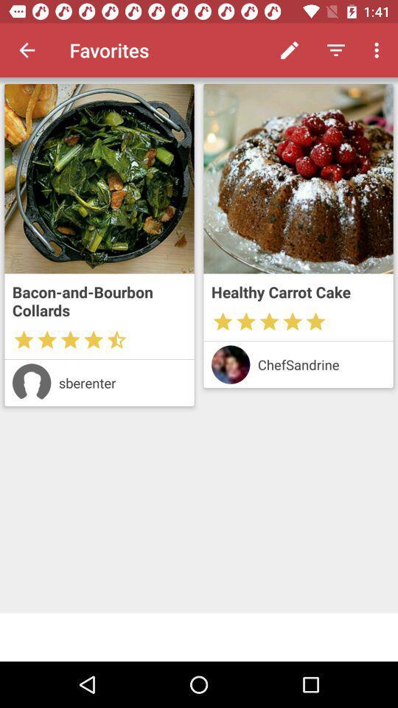  I want to click on recipe, so click(99, 178).